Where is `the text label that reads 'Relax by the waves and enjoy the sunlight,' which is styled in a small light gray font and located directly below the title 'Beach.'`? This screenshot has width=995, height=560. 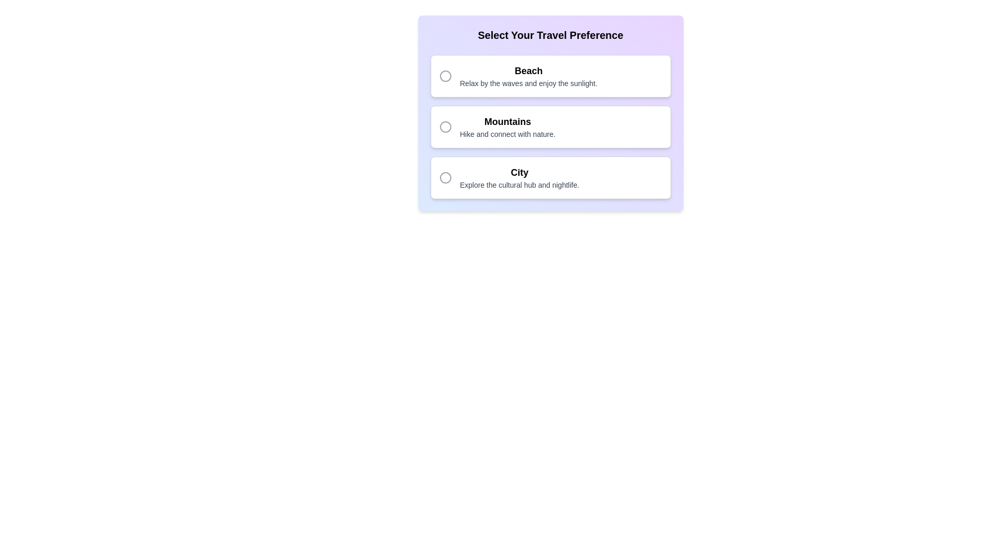
the text label that reads 'Relax by the waves and enjoy the sunlight,' which is styled in a small light gray font and located directly below the title 'Beach.' is located at coordinates (529, 83).